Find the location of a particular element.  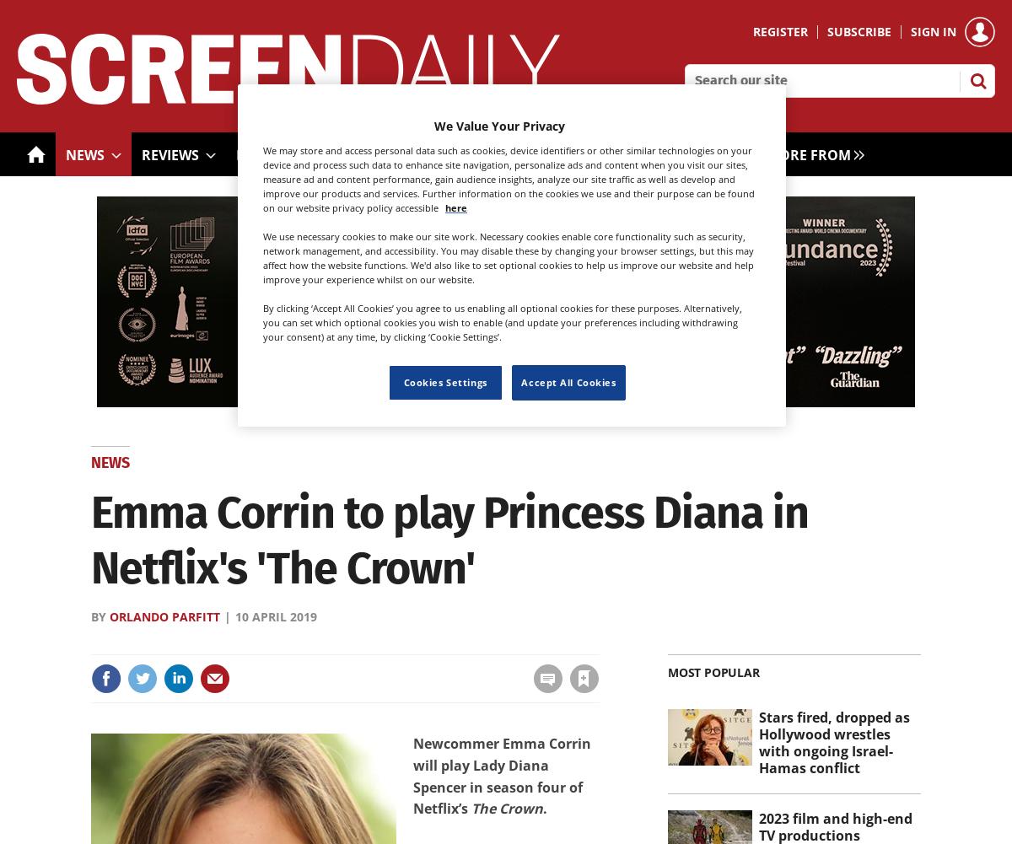

'Awards' is located at coordinates (561, 154).